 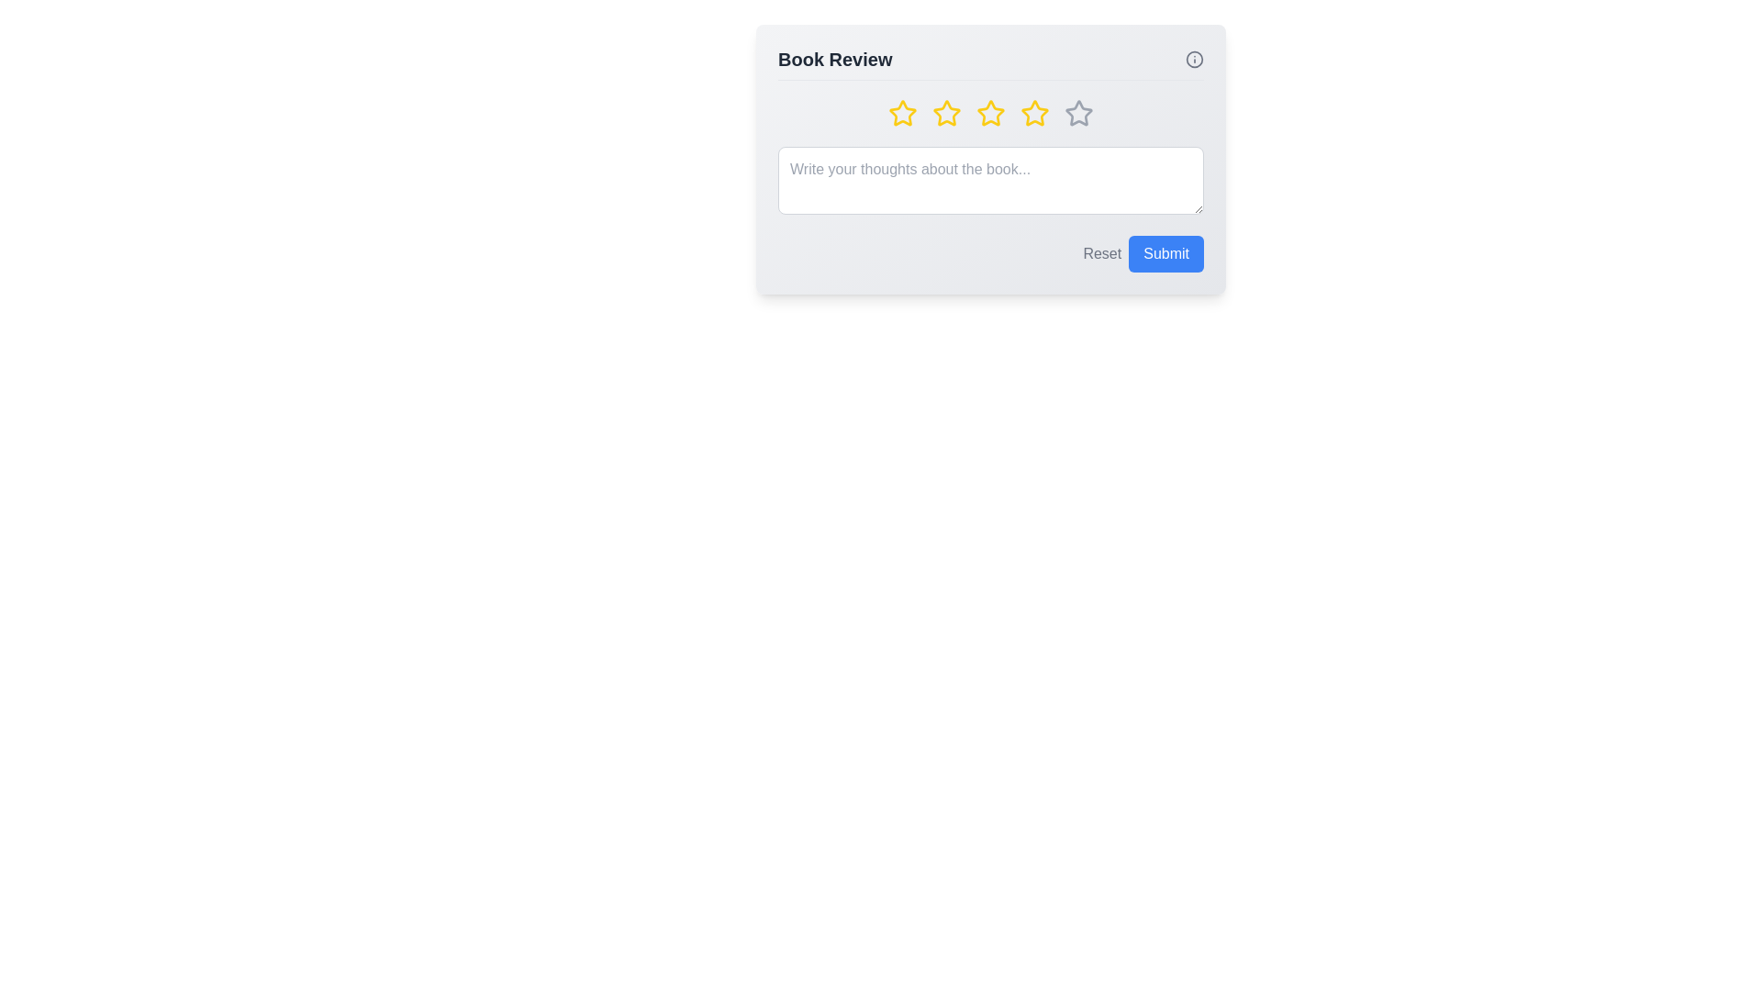 What do you see at coordinates (1194, 59) in the screenshot?
I see `the 'Info' icon to display more details` at bounding box center [1194, 59].